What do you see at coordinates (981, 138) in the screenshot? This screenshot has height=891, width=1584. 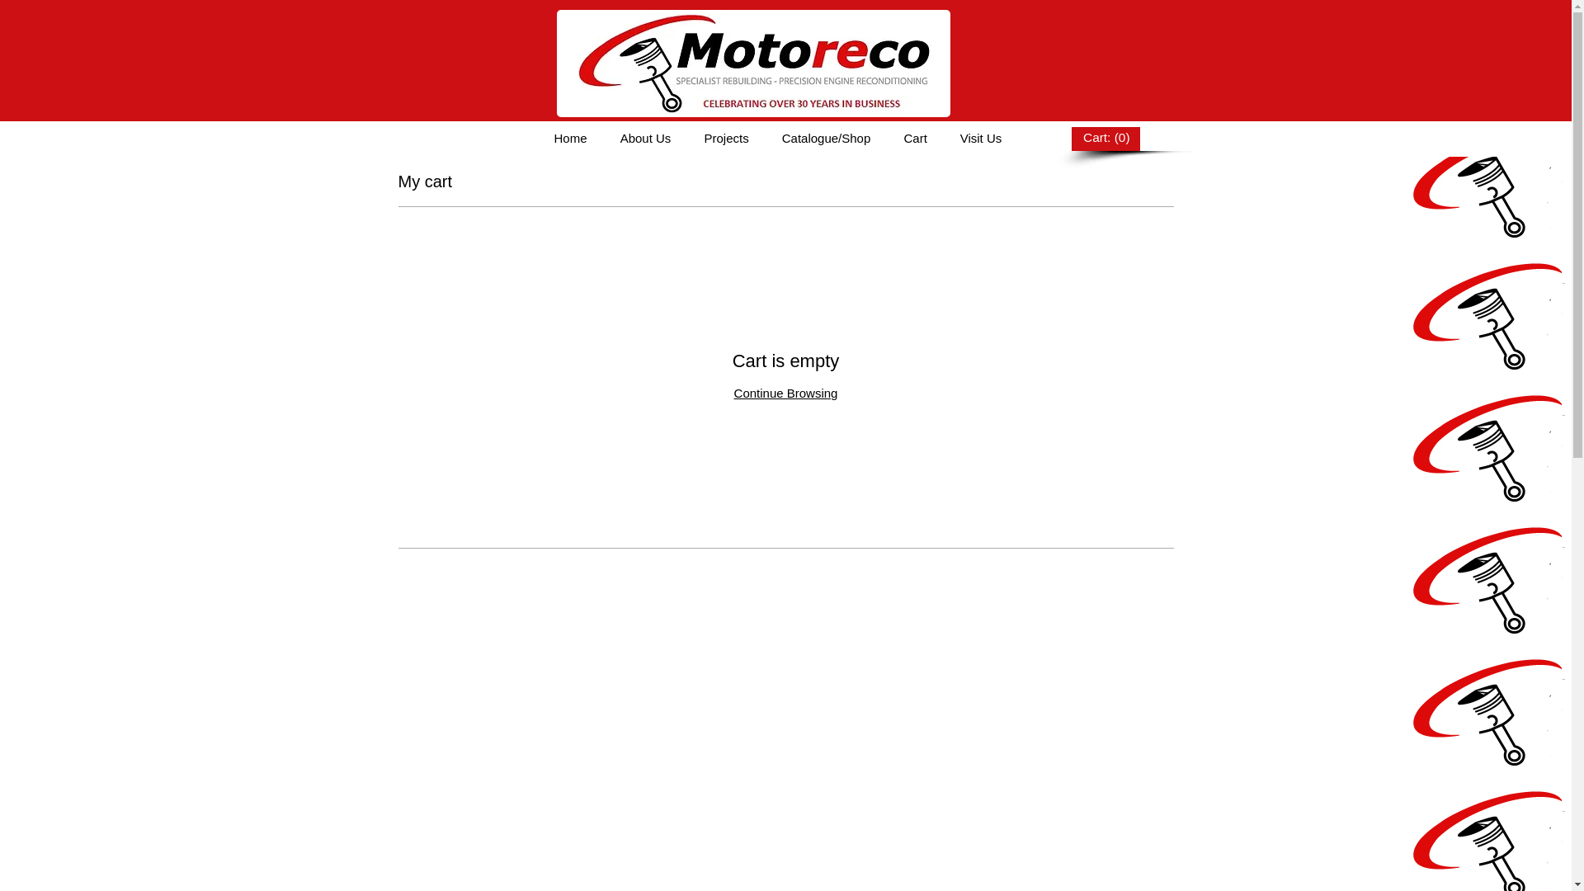 I see `'Visit Us'` at bounding box center [981, 138].